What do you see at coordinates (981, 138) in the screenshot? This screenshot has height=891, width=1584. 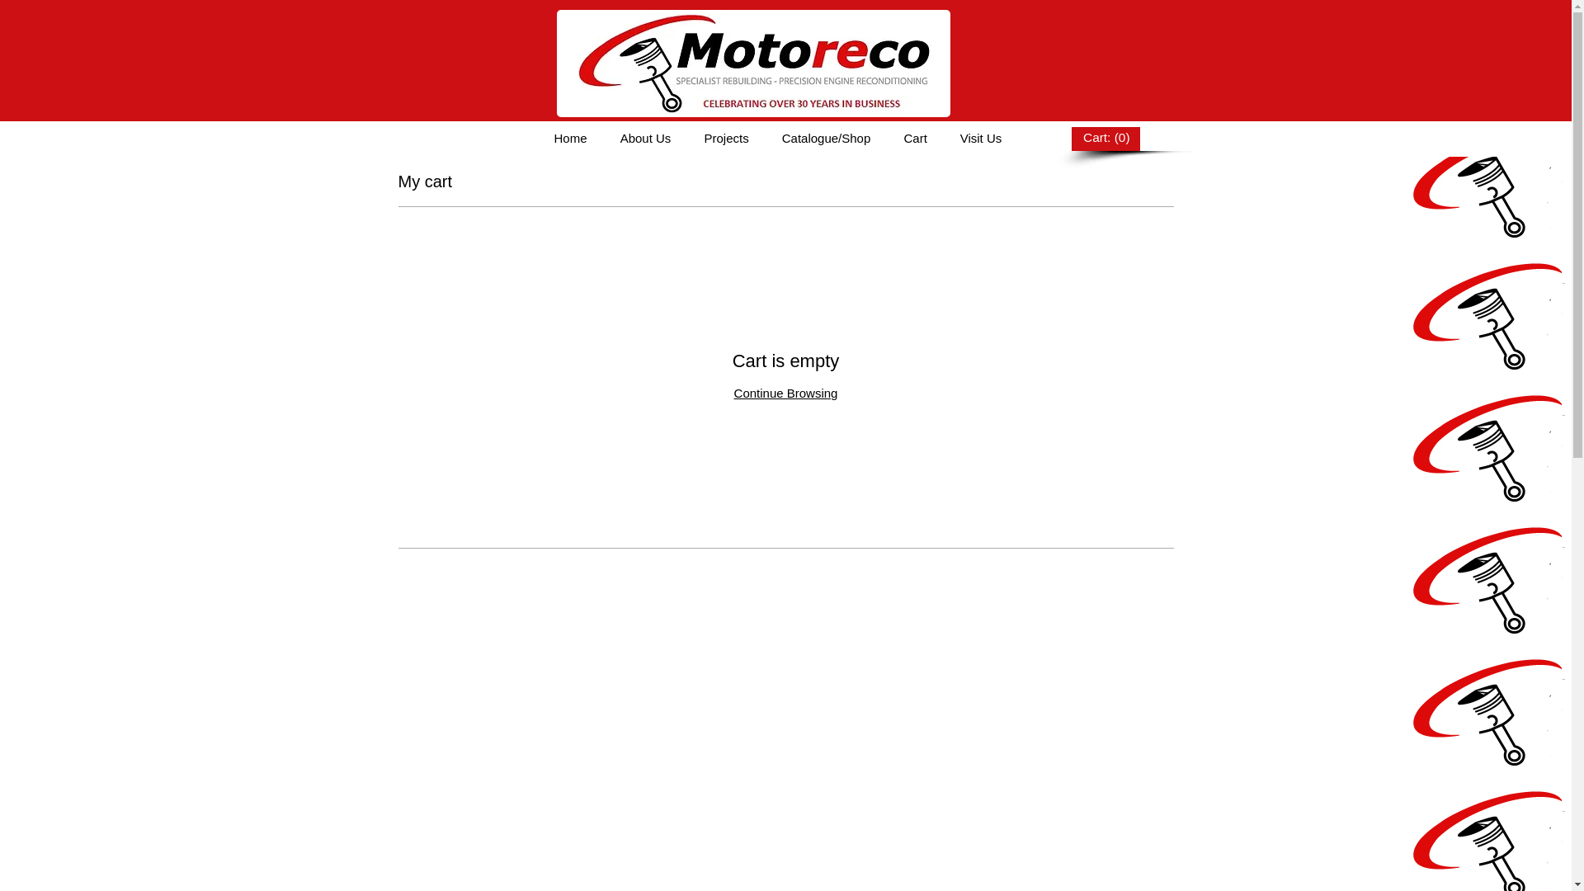 I see `'Visit Us'` at bounding box center [981, 138].